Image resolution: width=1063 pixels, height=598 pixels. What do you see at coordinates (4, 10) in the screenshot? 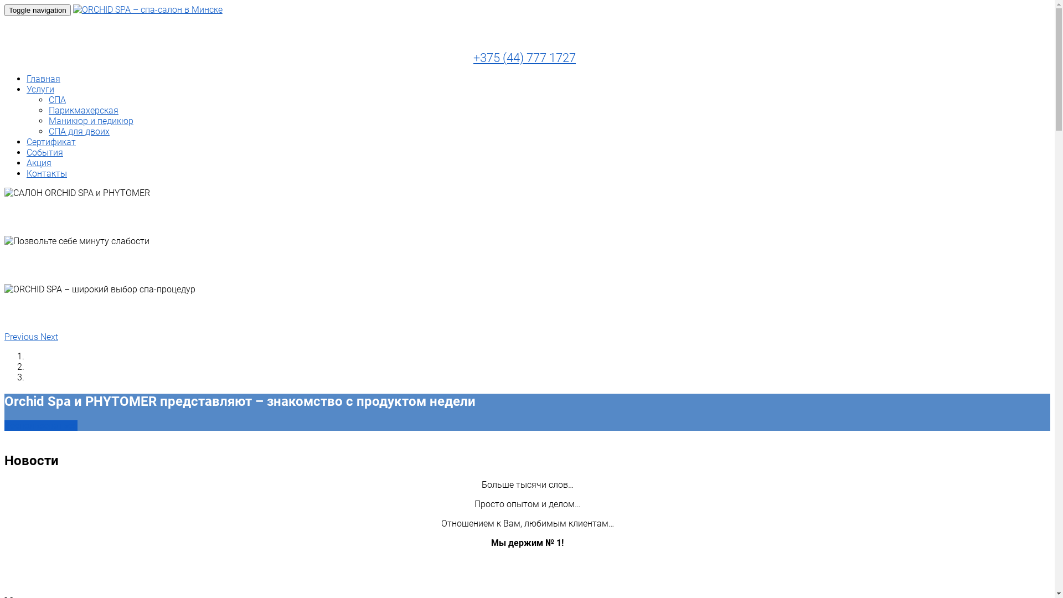
I see `'Toggle navigation'` at bounding box center [4, 10].